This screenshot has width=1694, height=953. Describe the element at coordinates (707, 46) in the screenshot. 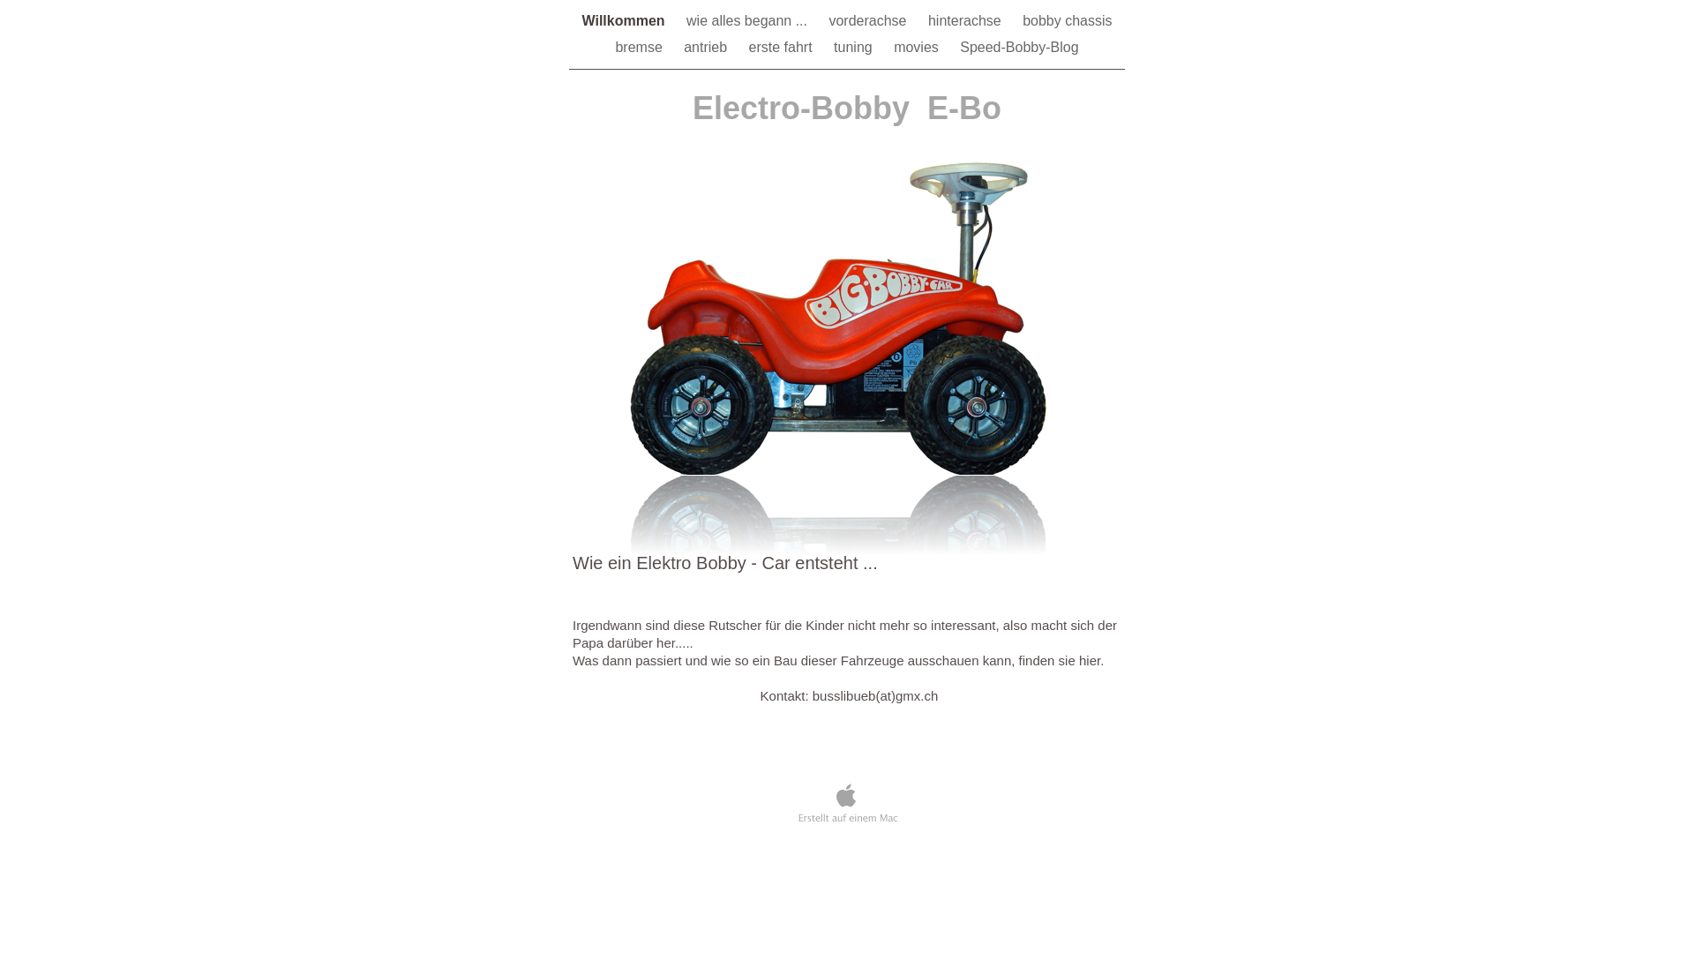

I see `'antrieb'` at that location.